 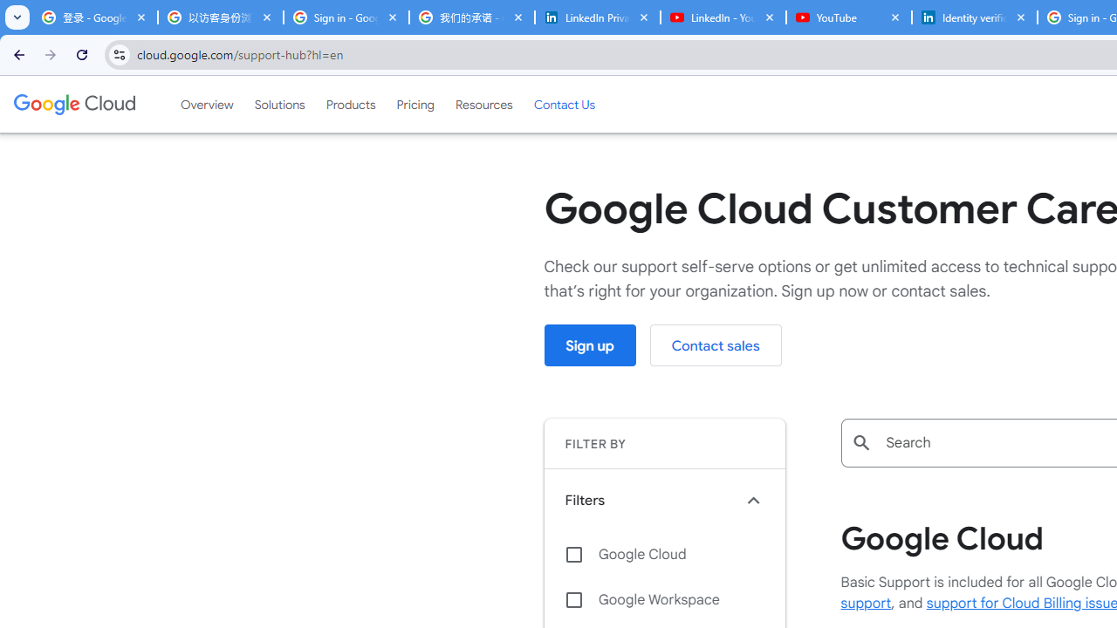 What do you see at coordinates (483, 104) in the screenshot?
I see `'Resources'` at bounding box center [483, 104].